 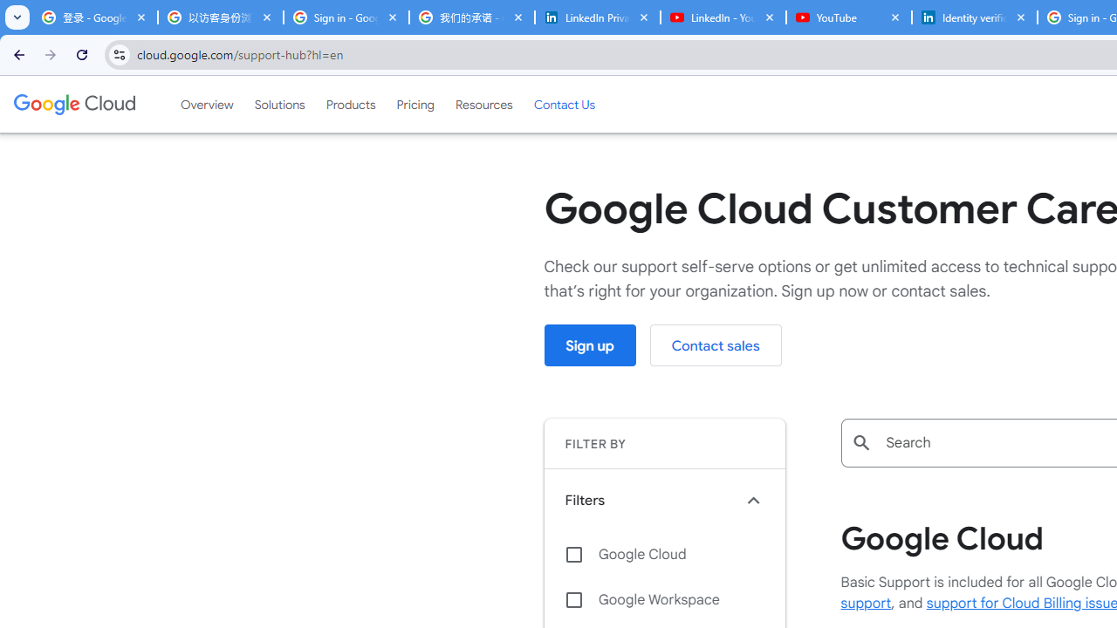 What do you see at coordinates (483, 104) in the screenshot?
I see `'Resources'` at bounding box center [483, 104].